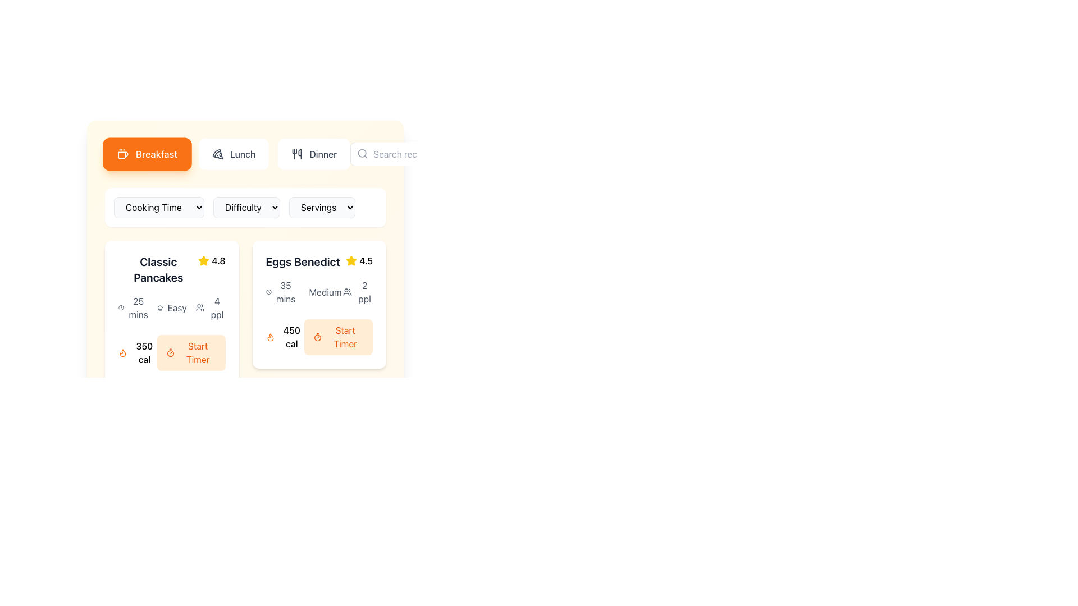 This screenshot has width=1078, height=606. I want to click on the clock icon located in the metadata section of the 'Classic Pancakes' recipe card, positioned near the '25 mins' text and above the '350 cal' section, so click(121, 307).